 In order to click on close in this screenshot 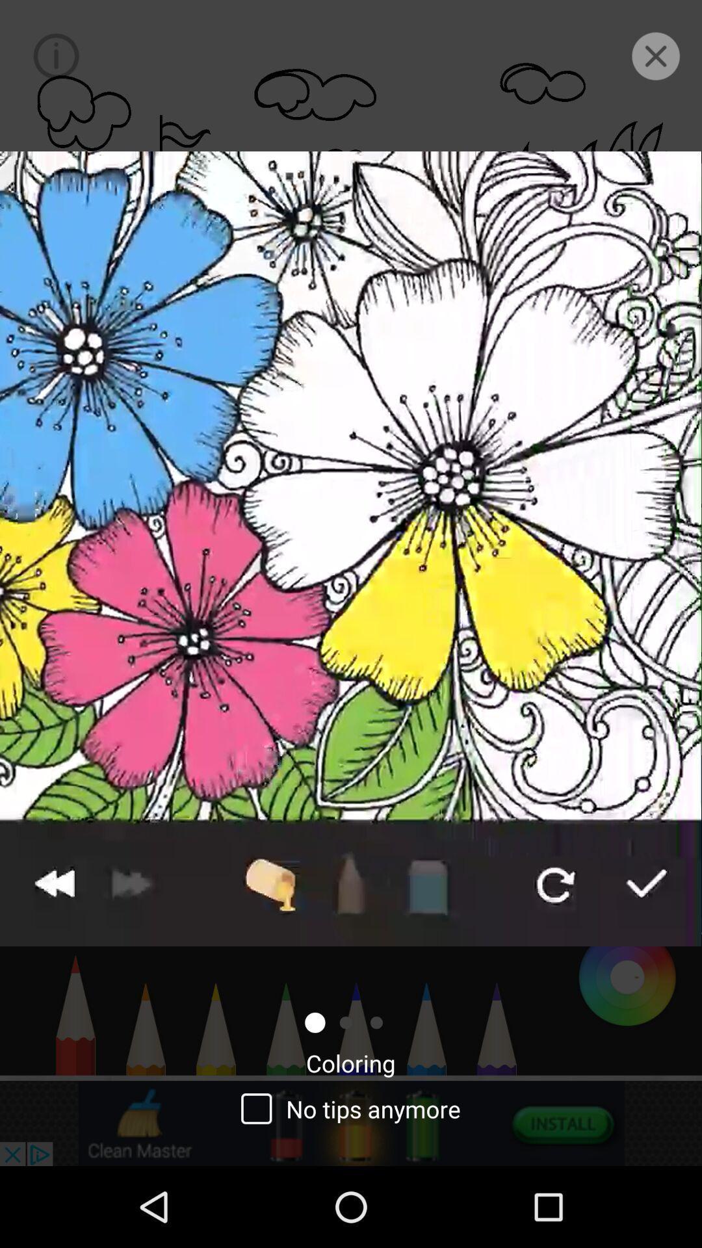, I will do `click(656, 55)`.